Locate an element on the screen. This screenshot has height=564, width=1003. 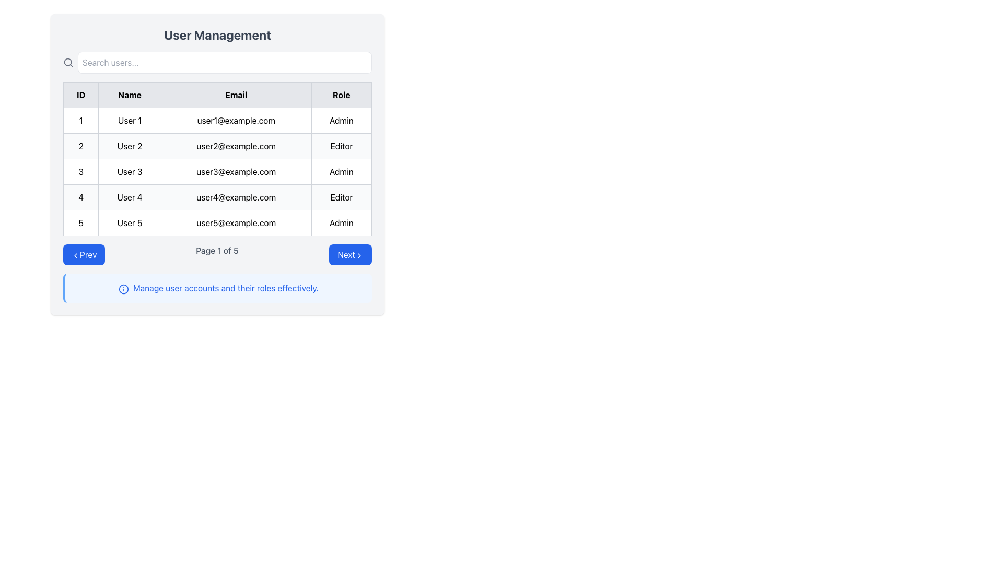
the informational Text Label located at the bottom-left of the 'User Management' page, which has a light blue background and is bordered by blue on the left is located at coordinates (225, 288).